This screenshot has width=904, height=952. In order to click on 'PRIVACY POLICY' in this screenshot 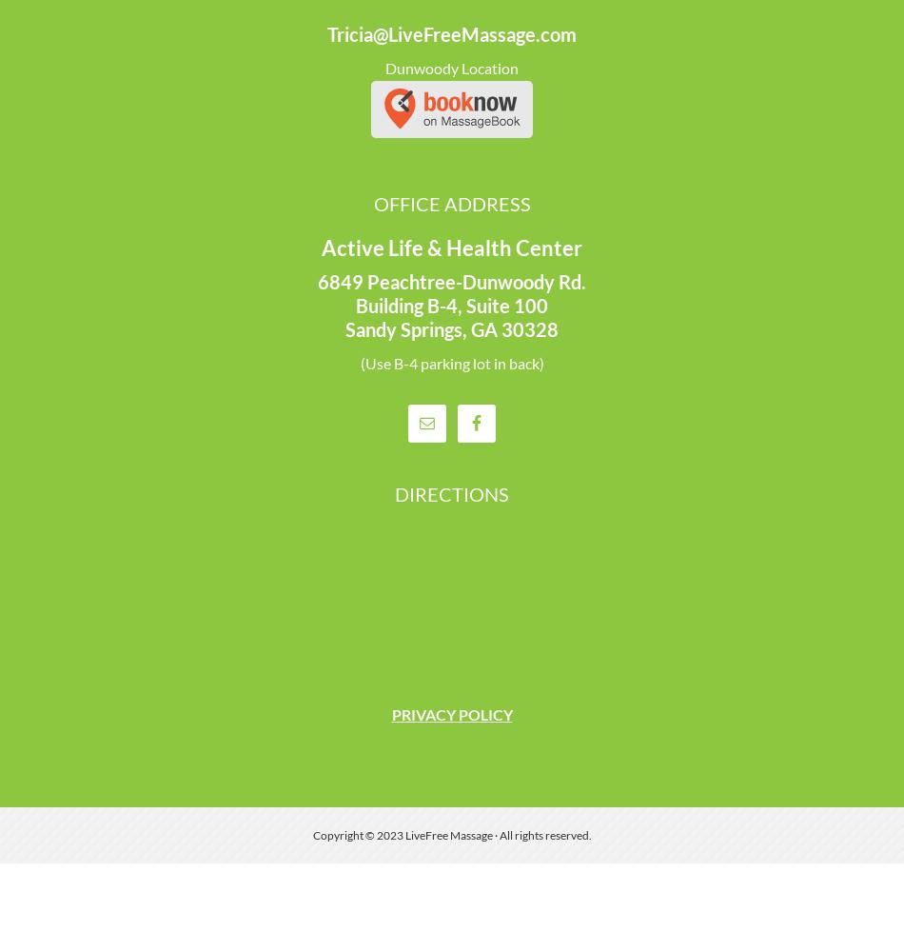, I will do `click(389, 714)`.